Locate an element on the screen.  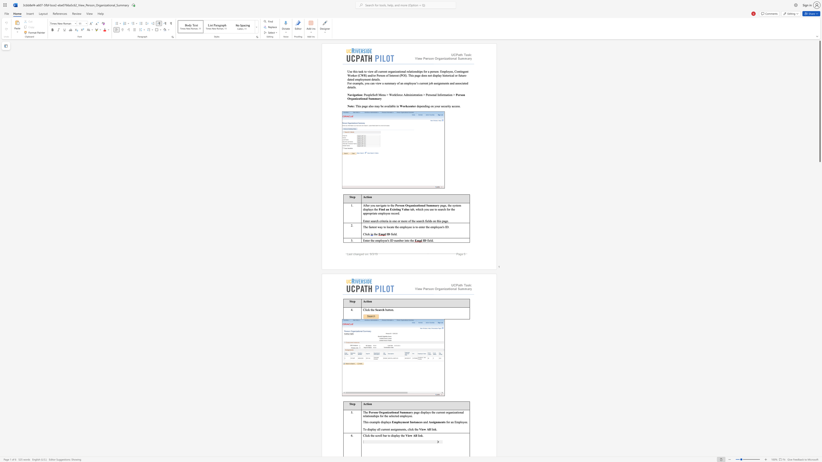
the 1th character "h" in the text is located at coordinates (392, 205).